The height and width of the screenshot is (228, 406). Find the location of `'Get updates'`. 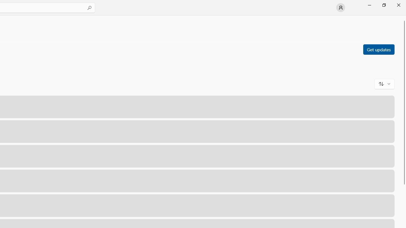

'Get updates' is located at coordinates (378, 49).